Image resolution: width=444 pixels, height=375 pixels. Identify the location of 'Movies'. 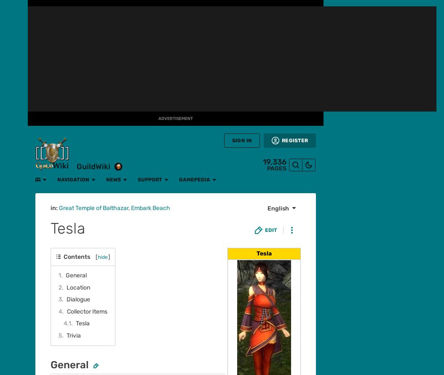
(6, 181).